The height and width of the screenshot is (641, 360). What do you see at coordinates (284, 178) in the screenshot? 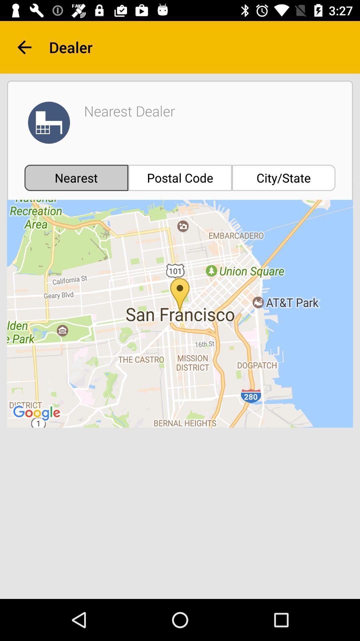
I see `icon at the top right corner` at bounding box center [284, 178].